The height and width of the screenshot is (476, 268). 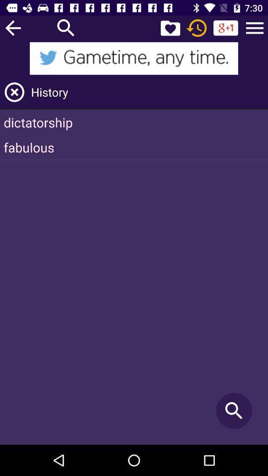 What do you see at coordinates (197, 27) in the screenshot?
I see `history` at bounding box center [197, 27].